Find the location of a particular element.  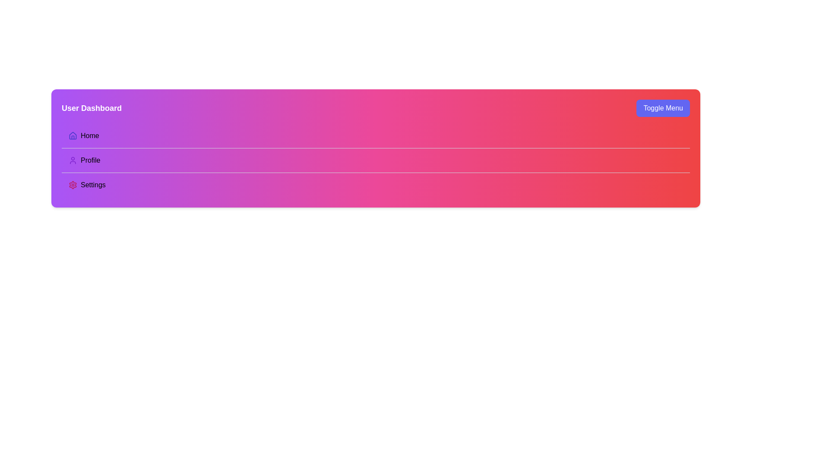

the gear-shaped settings icon is located at coordinates (73, 184).